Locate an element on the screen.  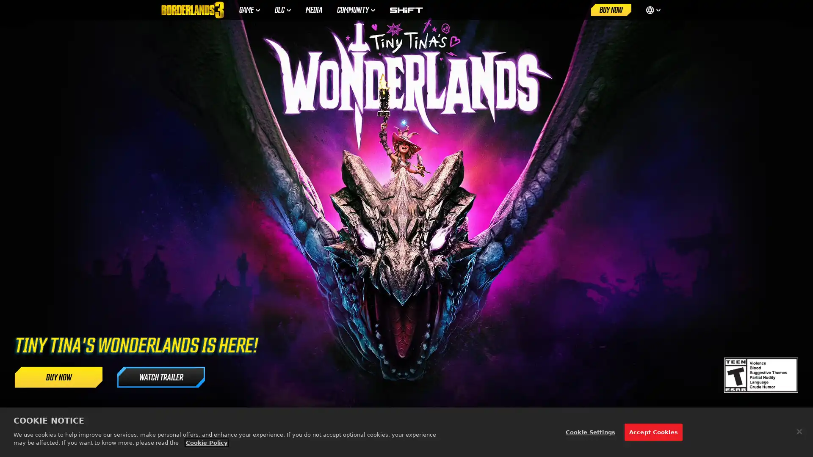
Cookie Settings is located at coordinates (589, 432).